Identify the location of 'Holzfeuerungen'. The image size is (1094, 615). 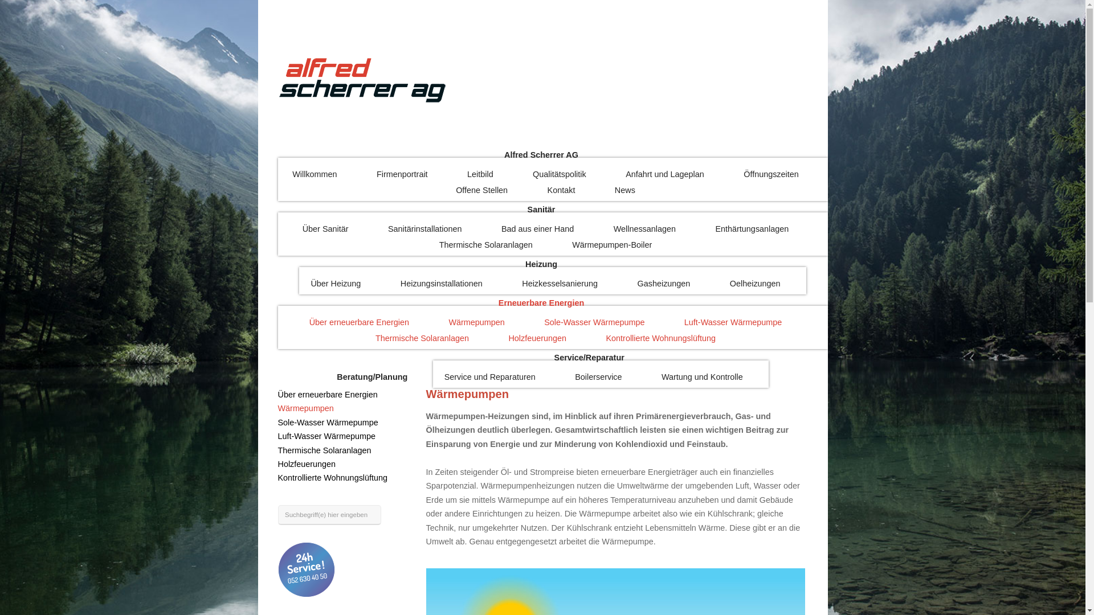
(536, 340).